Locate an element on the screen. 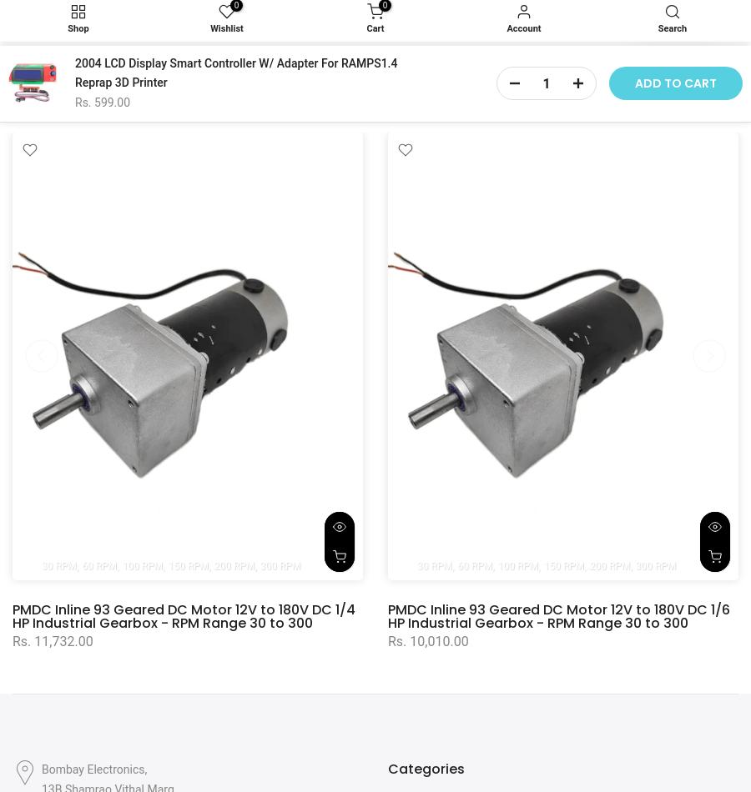  'Cart' is located at coordinates (366, 28).